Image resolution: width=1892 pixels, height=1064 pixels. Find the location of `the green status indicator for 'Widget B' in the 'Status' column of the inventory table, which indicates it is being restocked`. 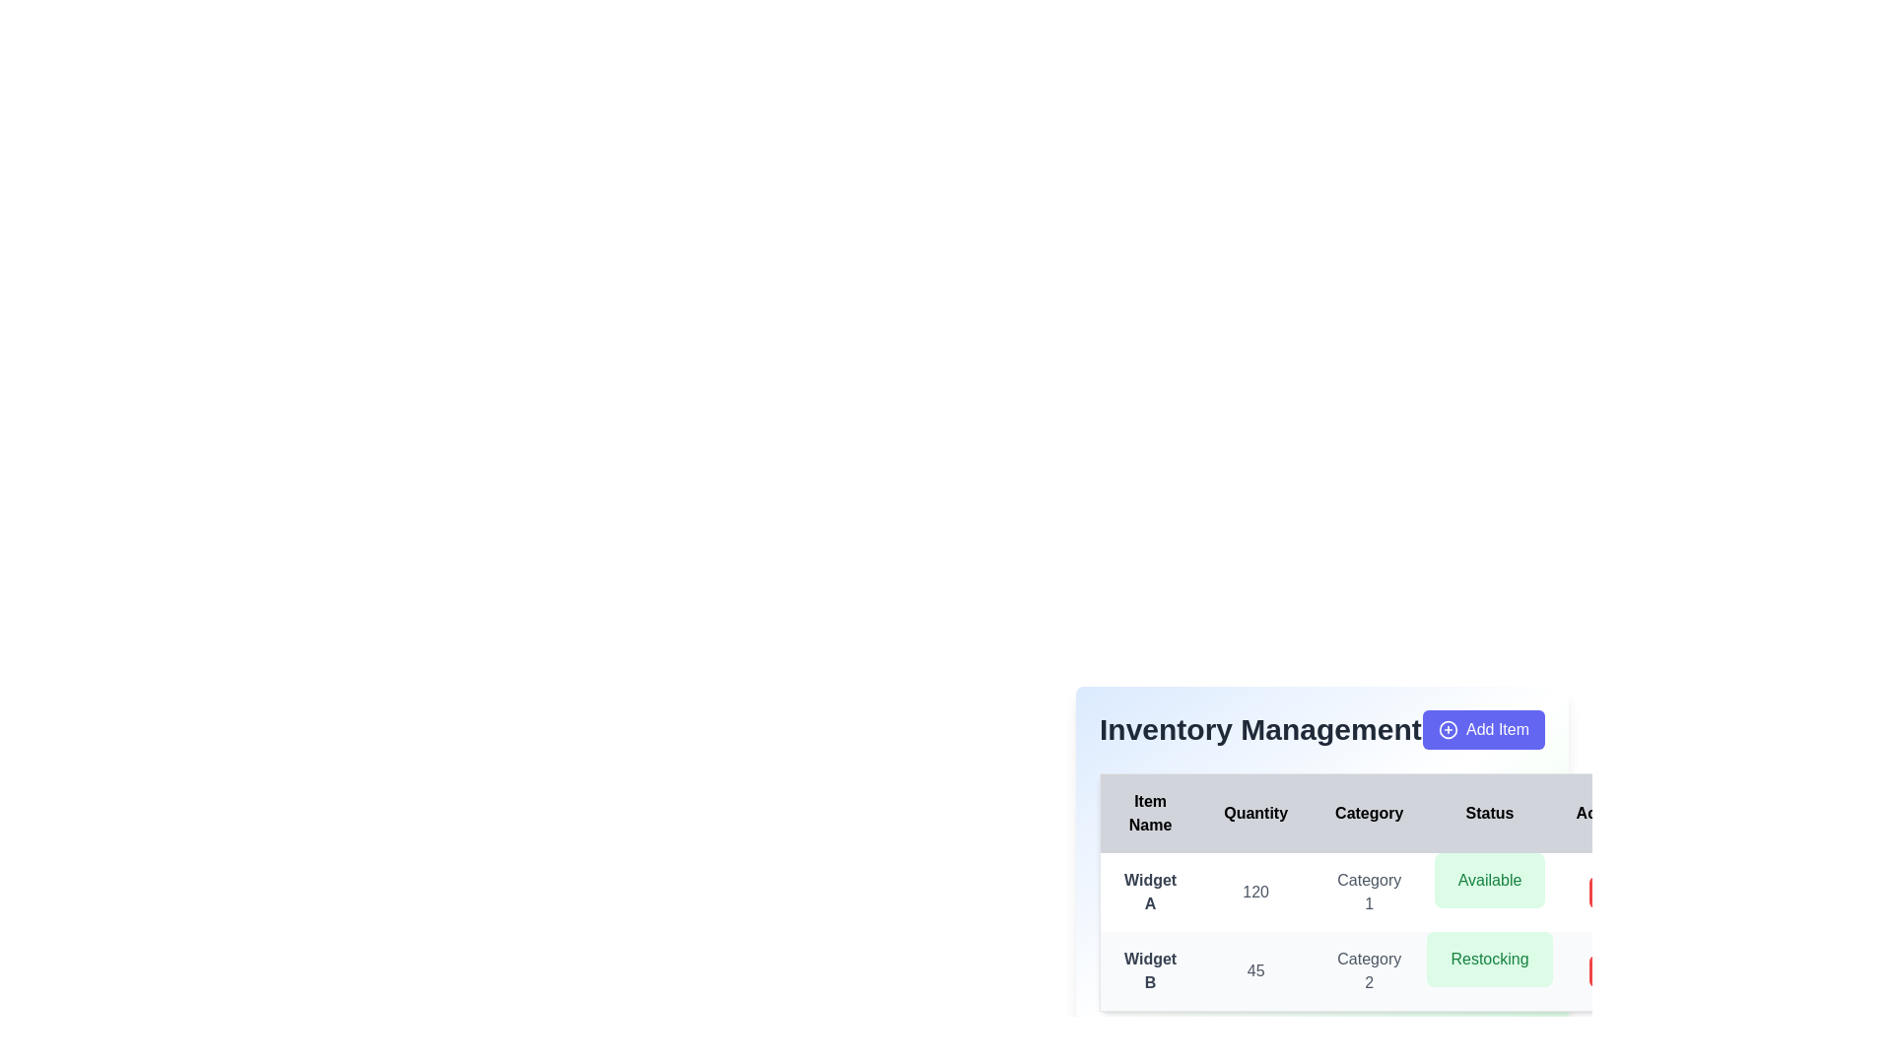

the green status indicator for 'Widget B' in the 'Status' column of the inventory table, which indicates it is being restocked is located at coordinates (1490, 959).